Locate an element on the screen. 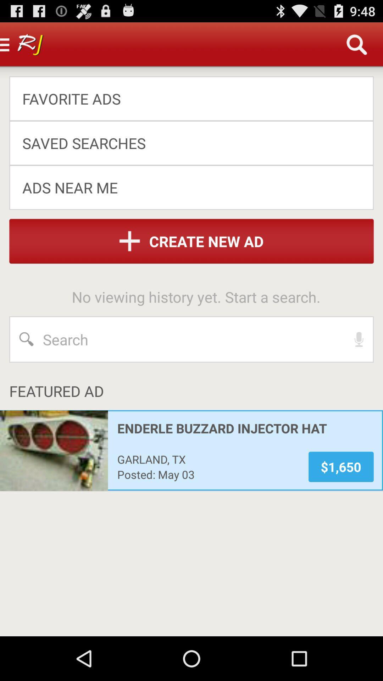 This screenshot has width=383, height=681. the app below the saved searches app is located at coordinates (186, 187).